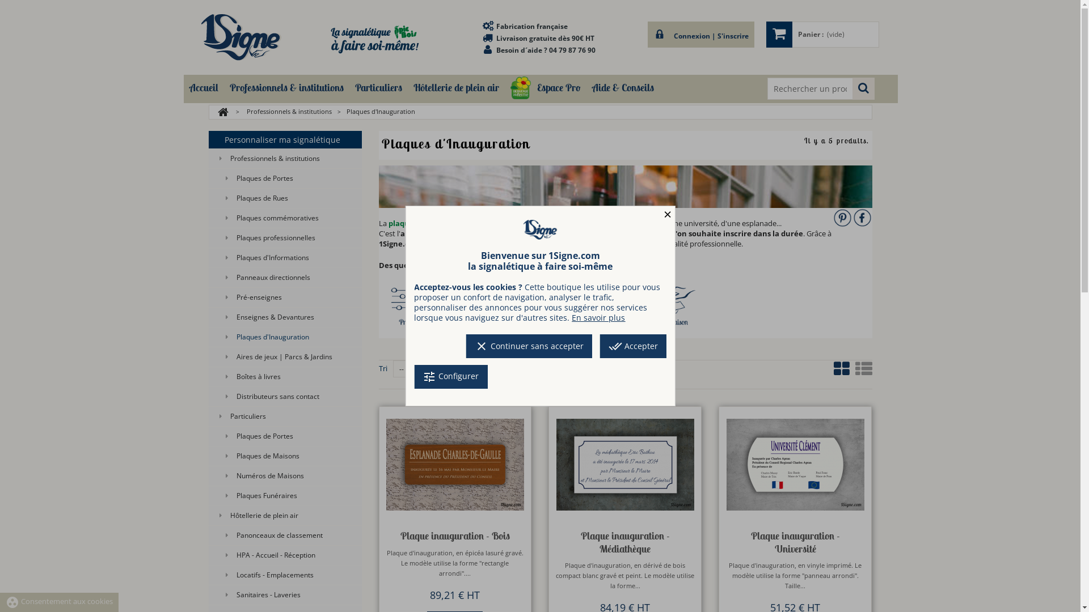 The width and height of the screenshot is (1089, 612). I want to click on 'Locatifs - Emplacements', so click(209, 575).